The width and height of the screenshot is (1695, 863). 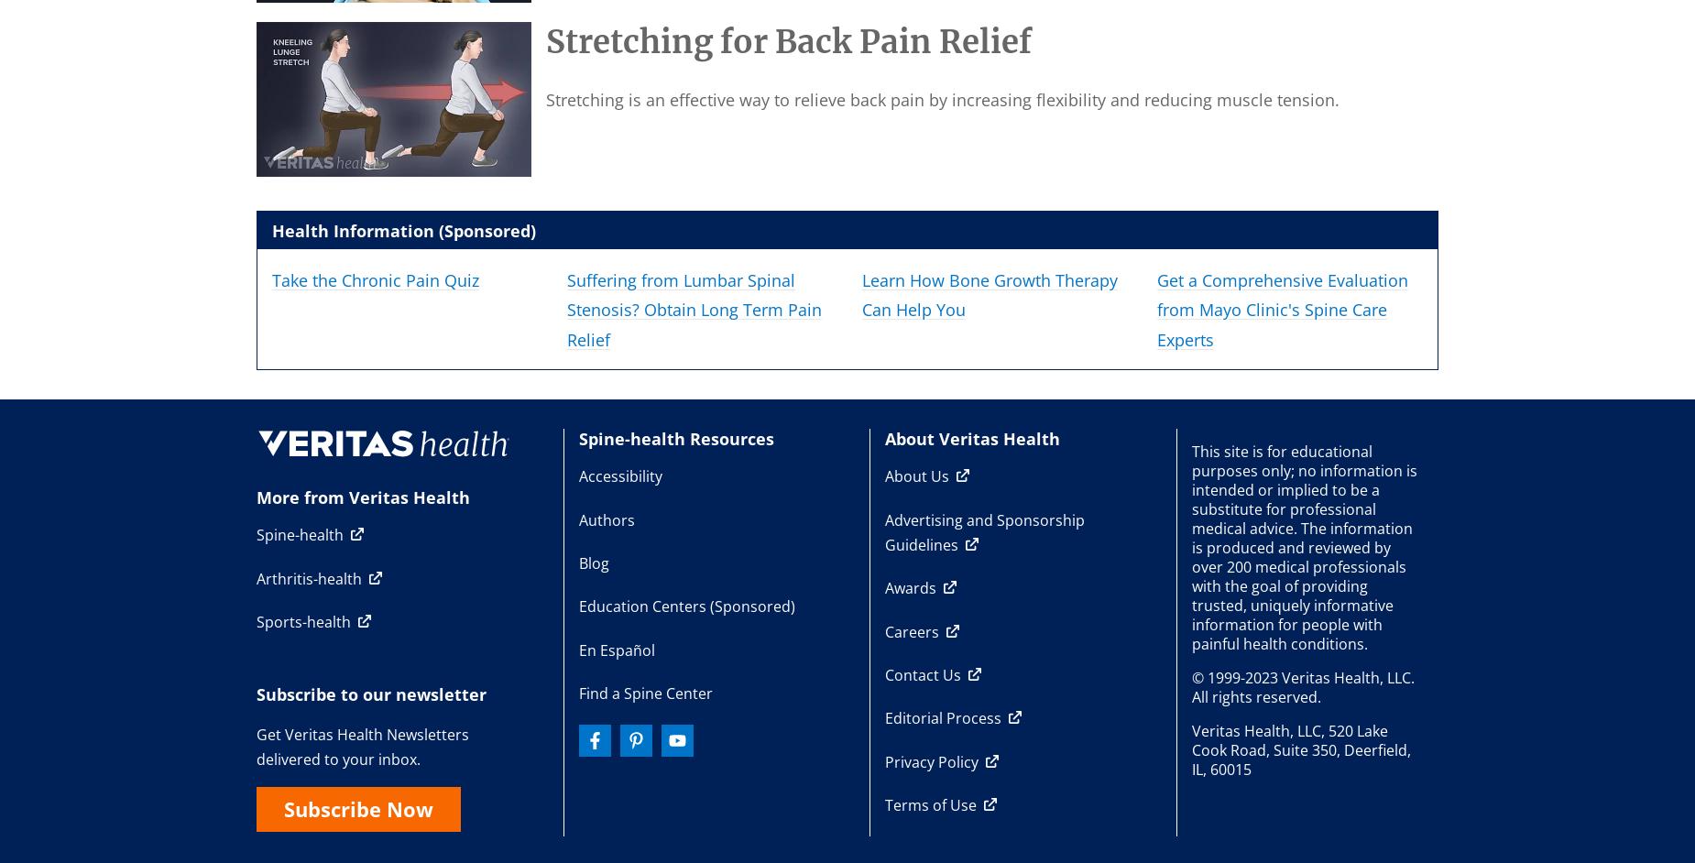 I want to click on 'Find a Spine Center', so click(x=644, y=693).